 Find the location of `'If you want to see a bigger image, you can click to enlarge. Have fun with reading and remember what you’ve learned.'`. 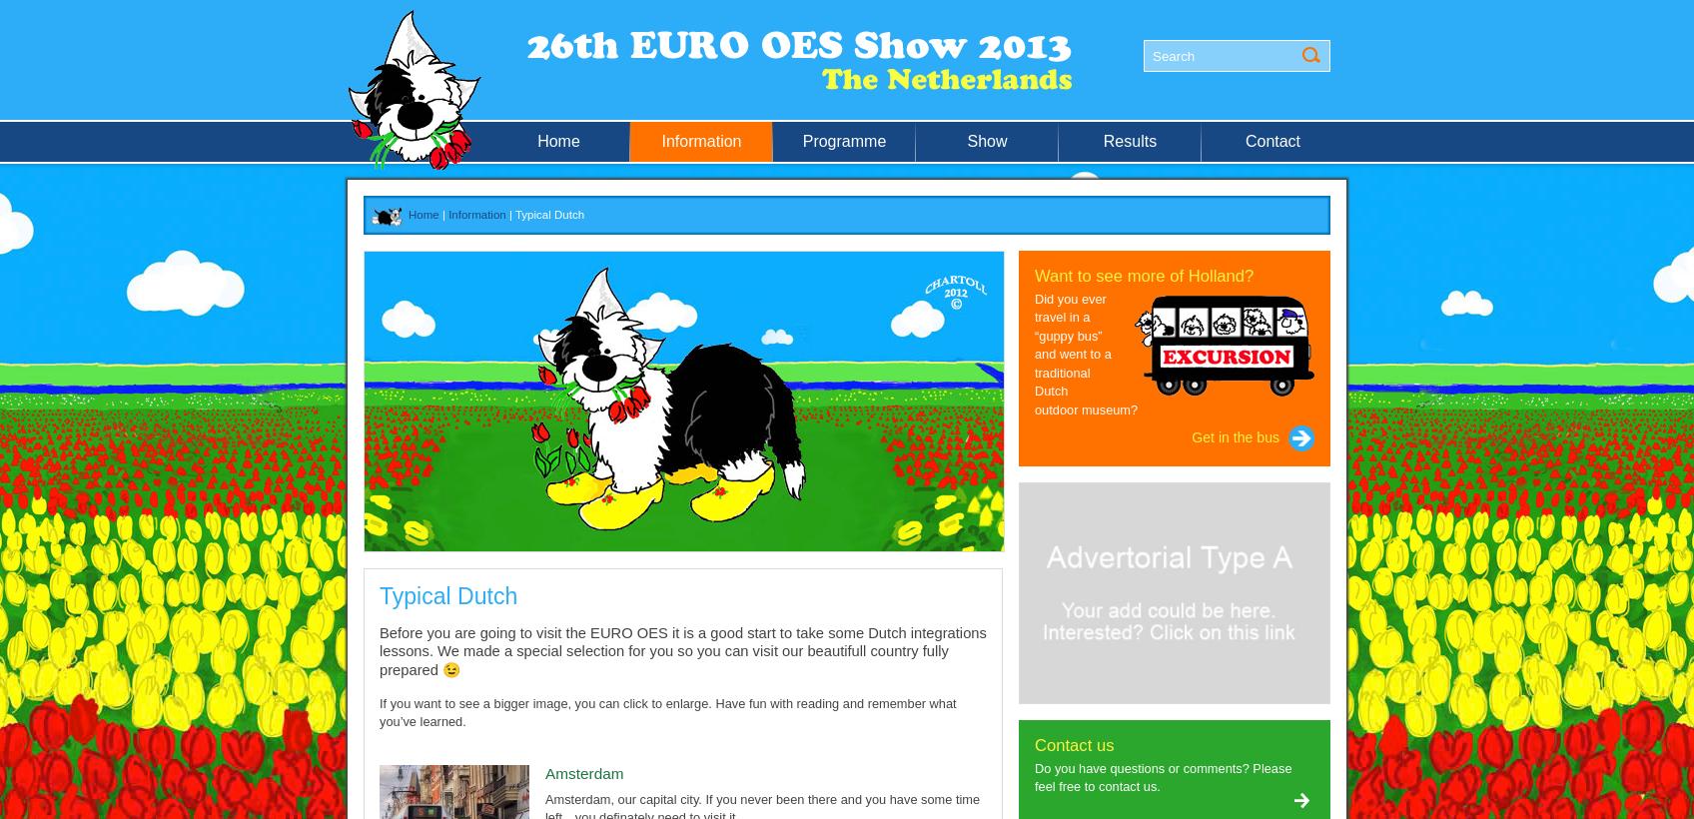

'If you want to see a bigger image, you can click to enlarge. Have fun with reading and remember what you’ve learned.' is located at coordinates (666, 711).